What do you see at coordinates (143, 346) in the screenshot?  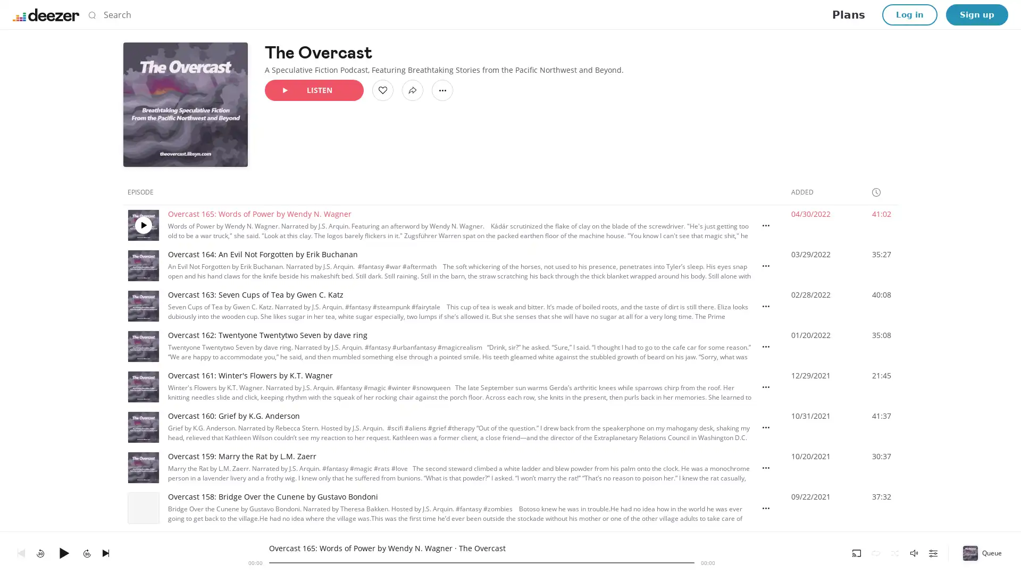 I see `Play Overcast 162: Twentyone Twentytwo Seven by dave ring by The Overcast` at bounding box center [143, 346].